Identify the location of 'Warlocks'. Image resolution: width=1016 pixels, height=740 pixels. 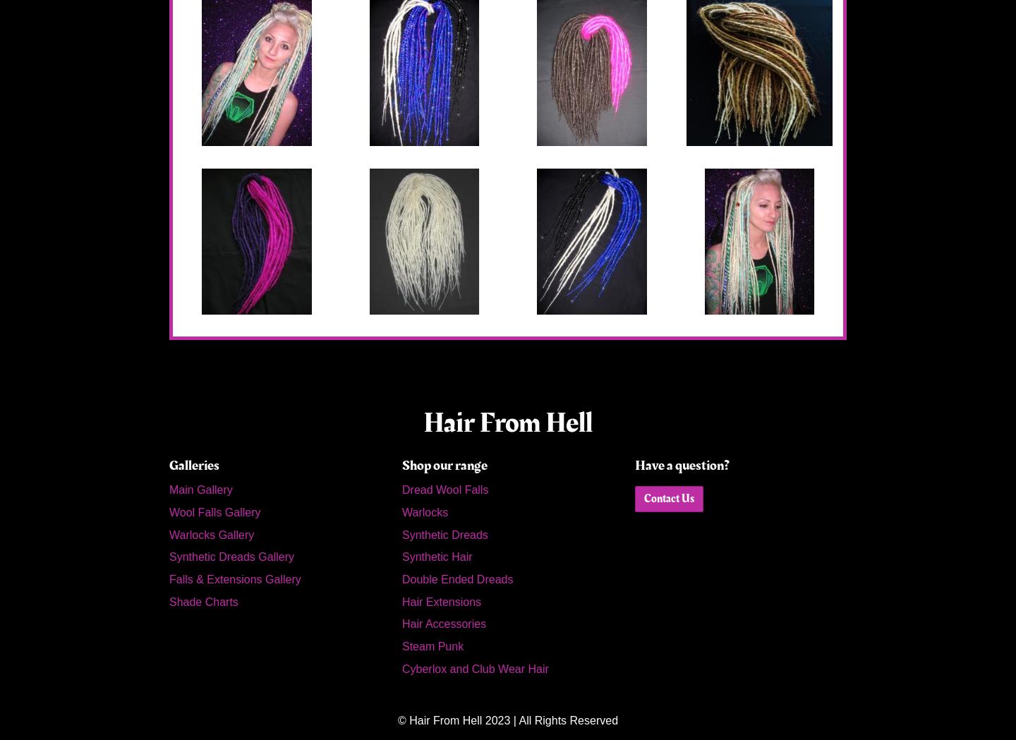
(424, 512).